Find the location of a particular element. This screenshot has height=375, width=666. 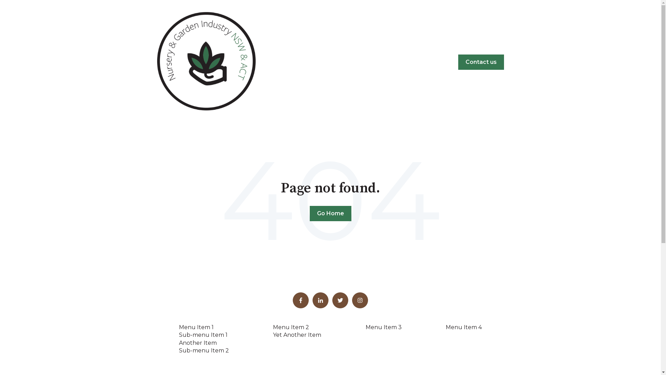

'Menu Item 4' is located at coordinates (464, 327).